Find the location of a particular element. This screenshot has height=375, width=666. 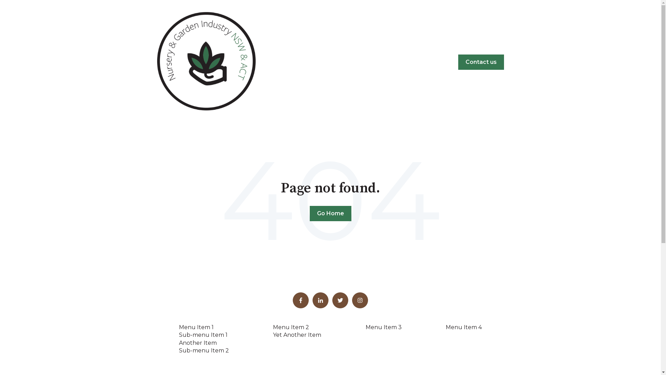

'Menu Item 4' is located at coordinates (464, 327).